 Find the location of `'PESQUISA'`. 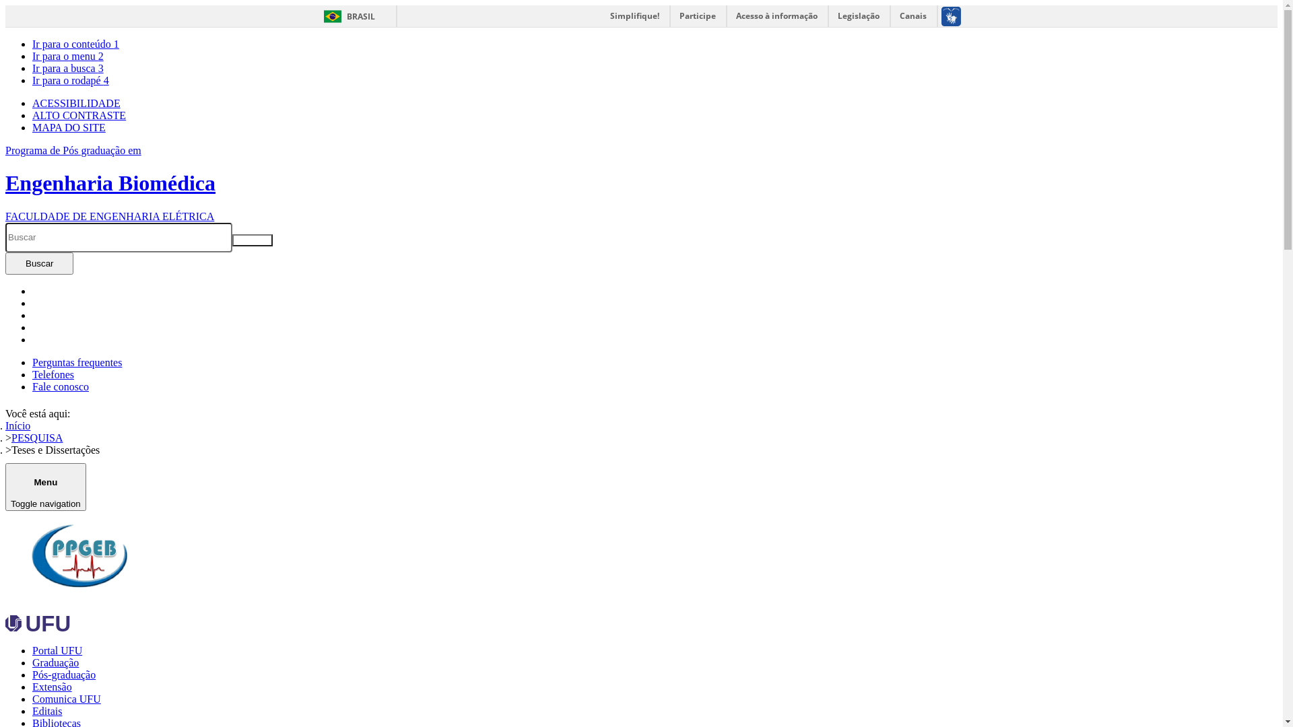

'PESQUISA' is located at coordinates (36, 438).